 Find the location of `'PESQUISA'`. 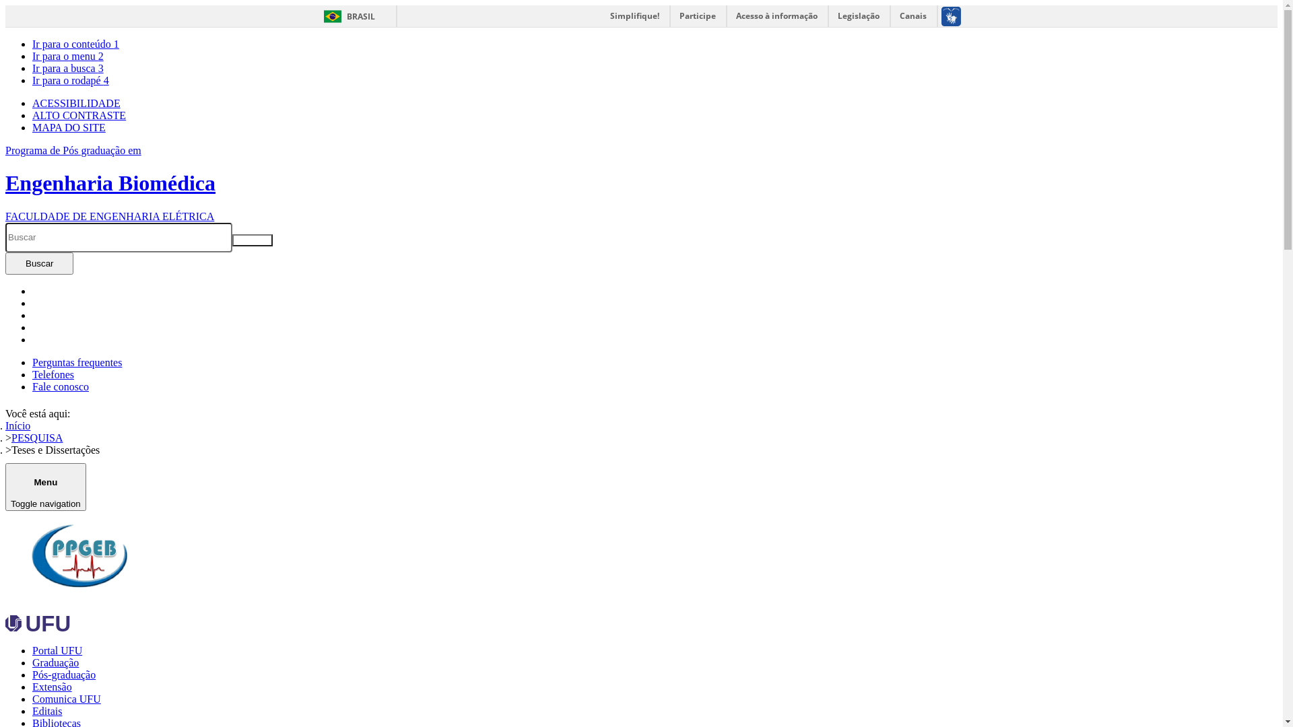

'PESQUISA' is located at coordinates (36, 438).